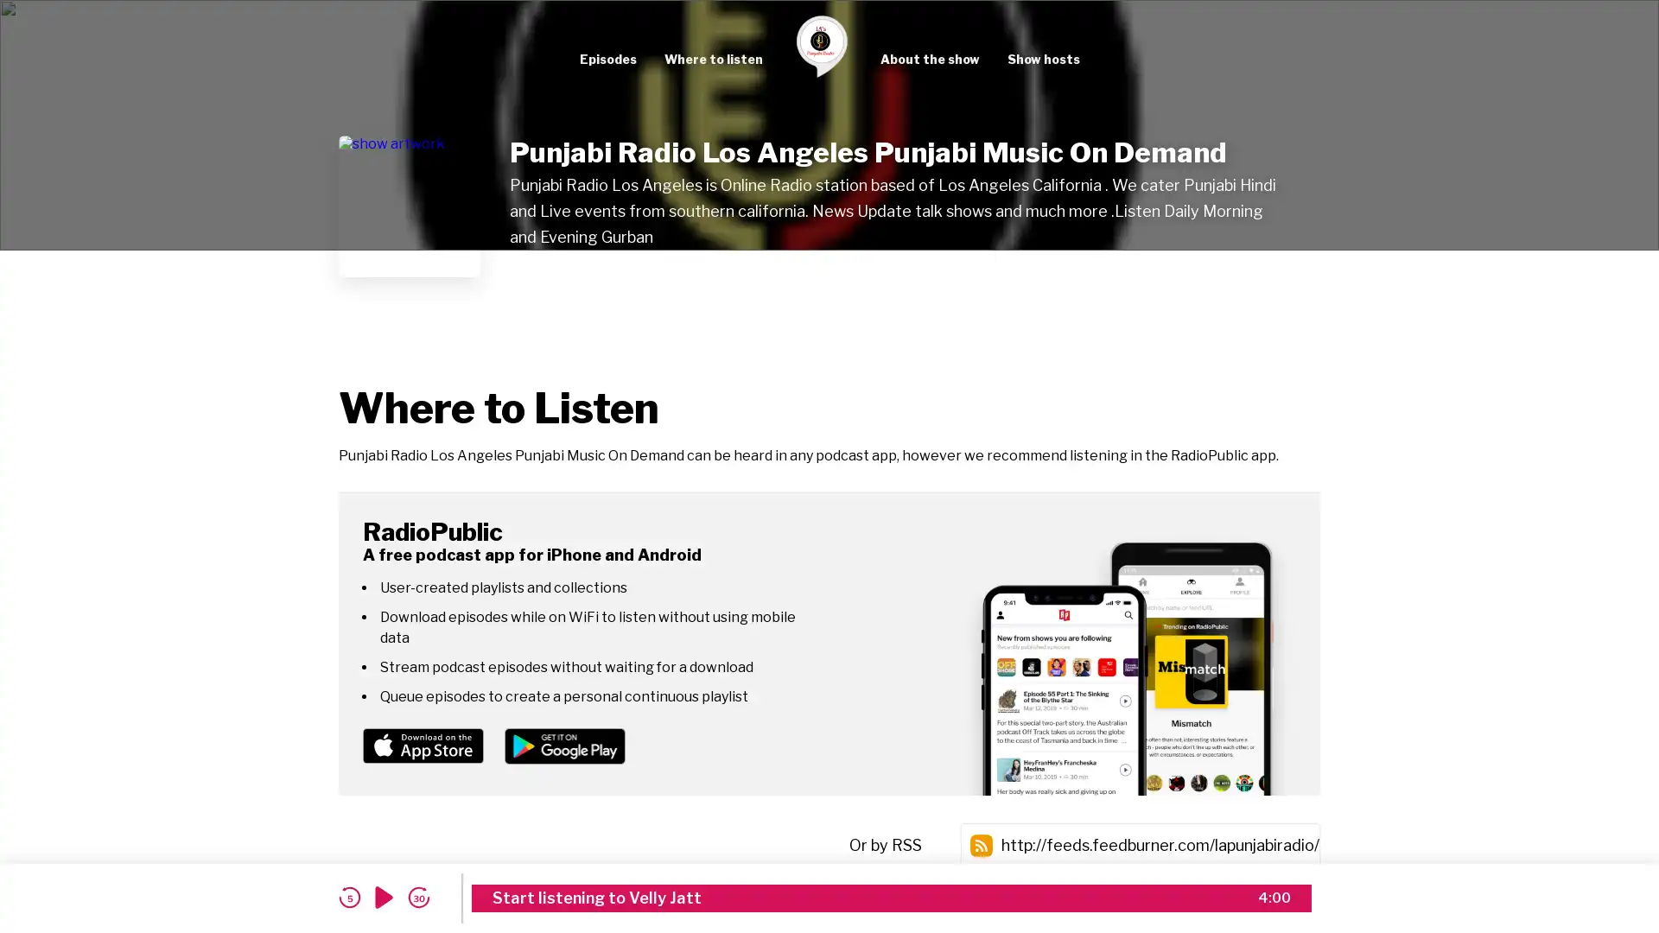 The image size is (1659, 933). Describe the element at coordinates (384, 897) in the screenshot. I see `play audio` at that location.